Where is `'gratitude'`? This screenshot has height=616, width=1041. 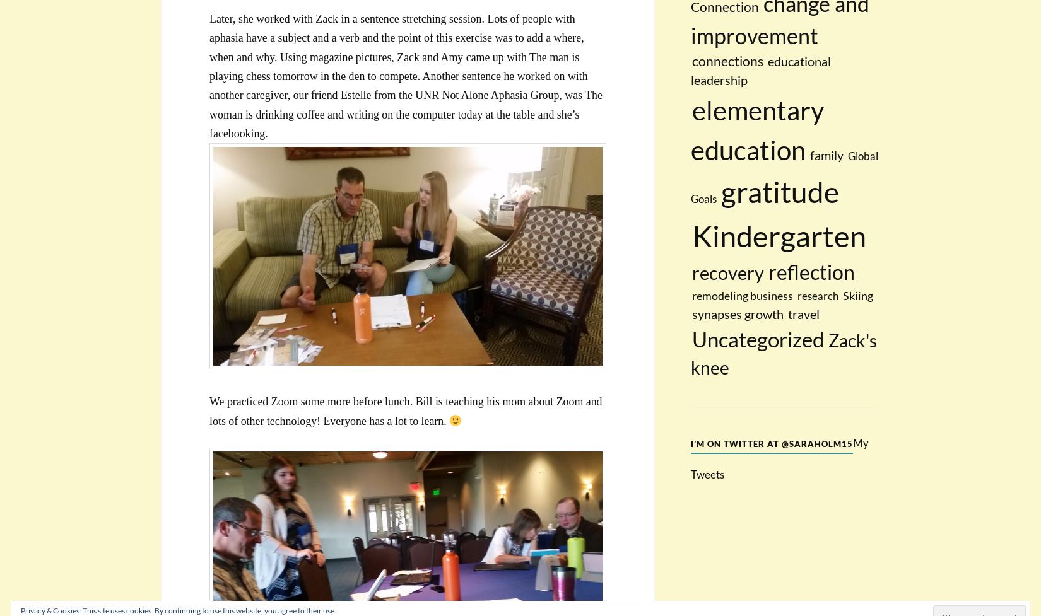 'gratitude' is located at coordinates (780, 191).